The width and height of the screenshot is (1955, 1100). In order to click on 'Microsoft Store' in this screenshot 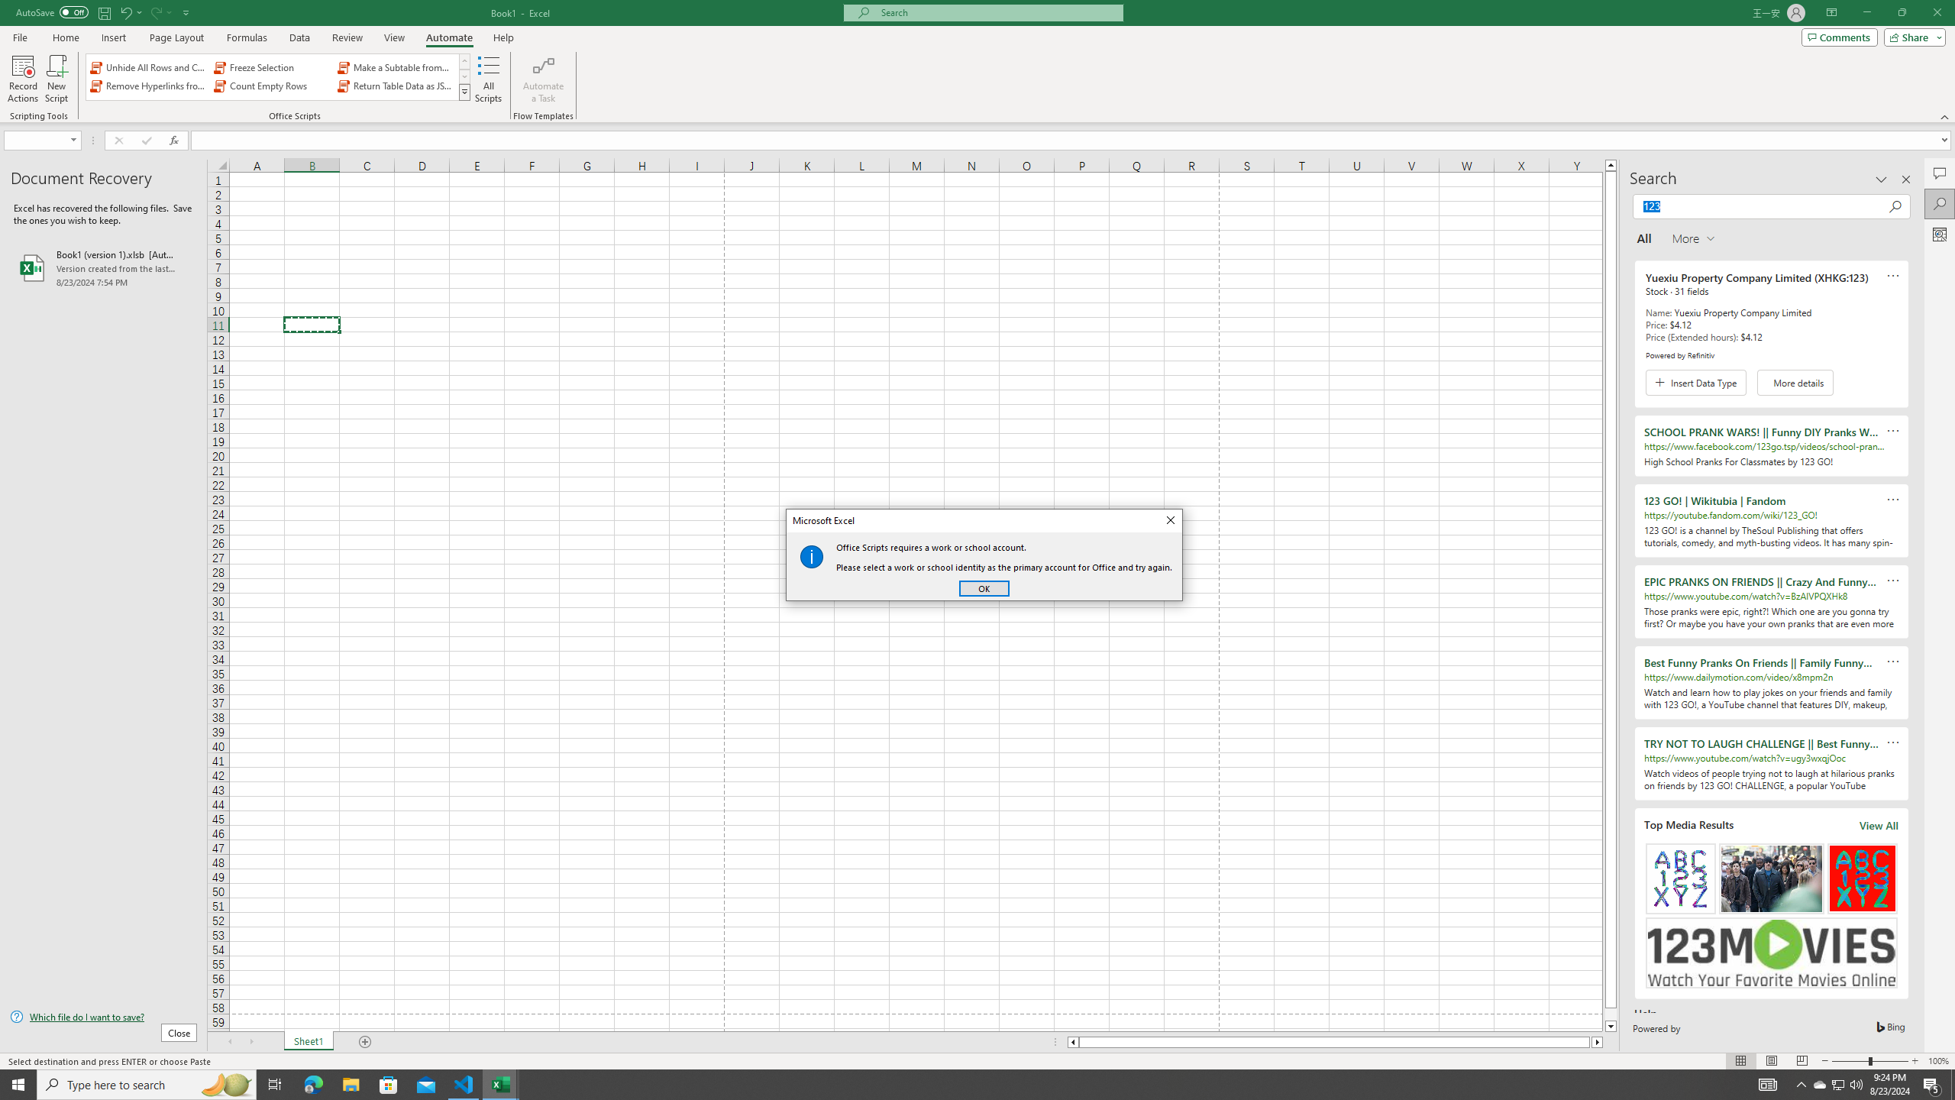, I will do `click(389, 1083)`.